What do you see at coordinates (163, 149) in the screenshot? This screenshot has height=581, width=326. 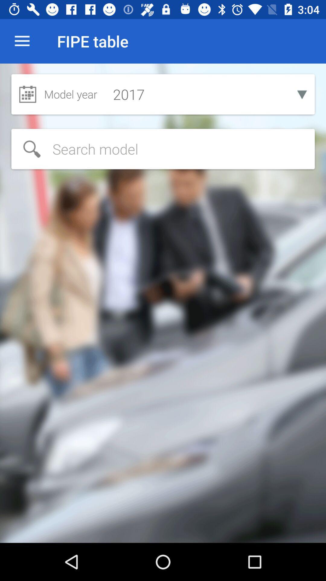 I see `search bar` at bounding box center [163, 149].